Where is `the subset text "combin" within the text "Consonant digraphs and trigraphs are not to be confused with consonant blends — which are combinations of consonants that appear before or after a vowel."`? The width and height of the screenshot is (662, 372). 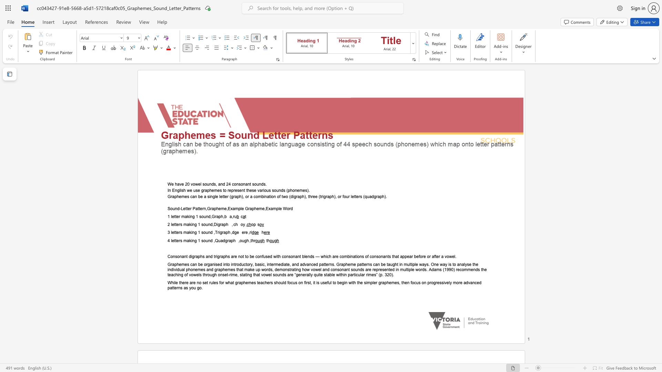 the subset text "combin" within the text "Consonant digraphs and trigraphs are not to be confused with consonant blends — which are combinations of consonants that appear before or after a vowel." is located at coordinates (339, 256).